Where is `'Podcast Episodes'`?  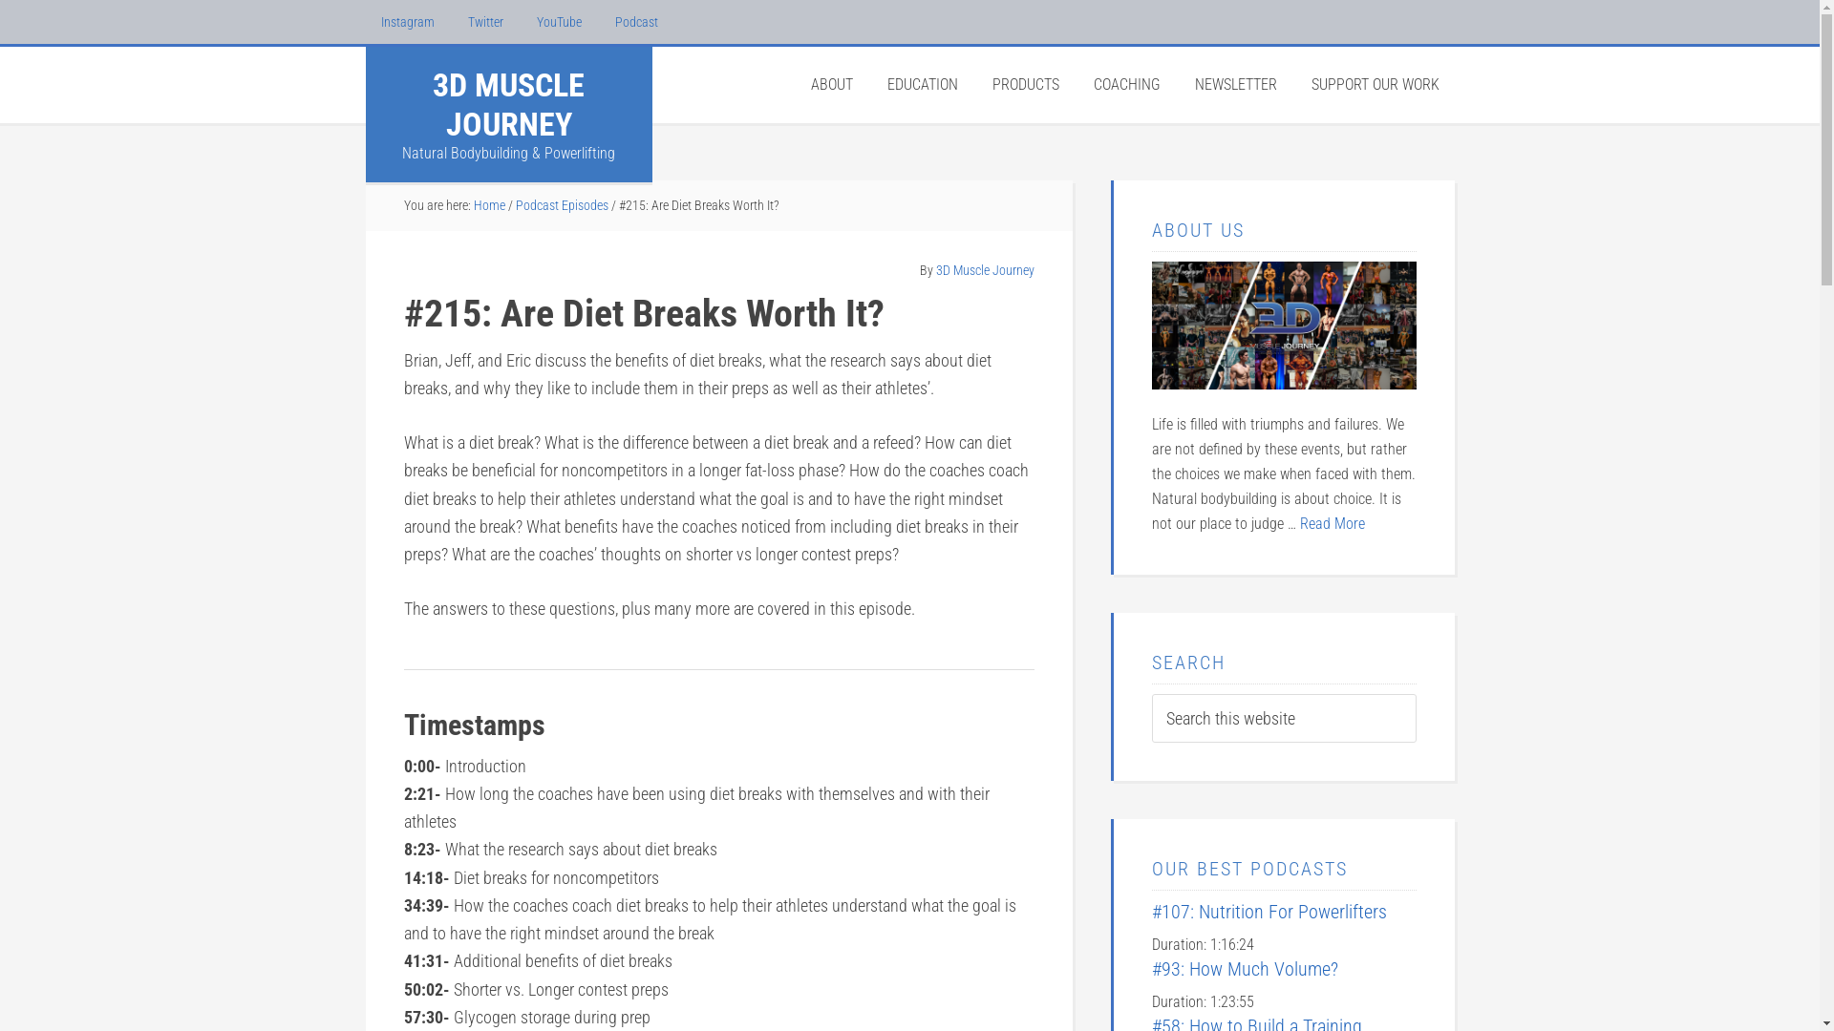
'Podcast Episodes' is located at coordinates (561, 205).